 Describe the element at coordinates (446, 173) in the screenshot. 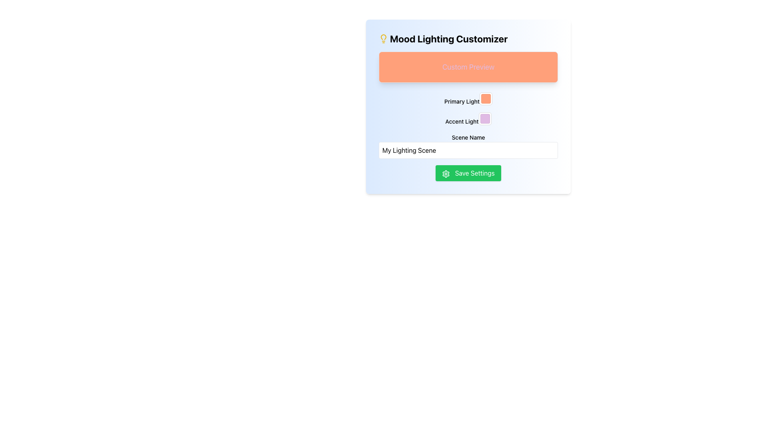

I see `the gear-shaped icon for settings, which is part of the green rectangular button labeled 'Save Settings' located beneath a text input field` at that location.